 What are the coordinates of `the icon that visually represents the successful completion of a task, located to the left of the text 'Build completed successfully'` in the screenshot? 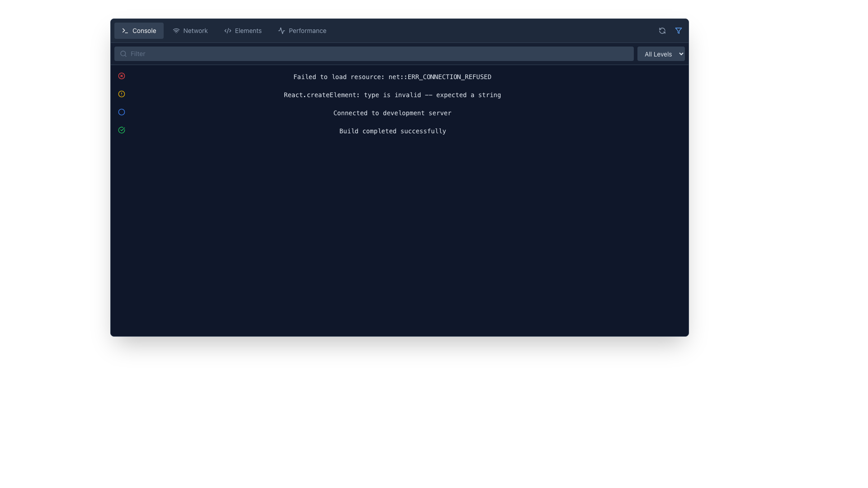 It's located at (121, 130).